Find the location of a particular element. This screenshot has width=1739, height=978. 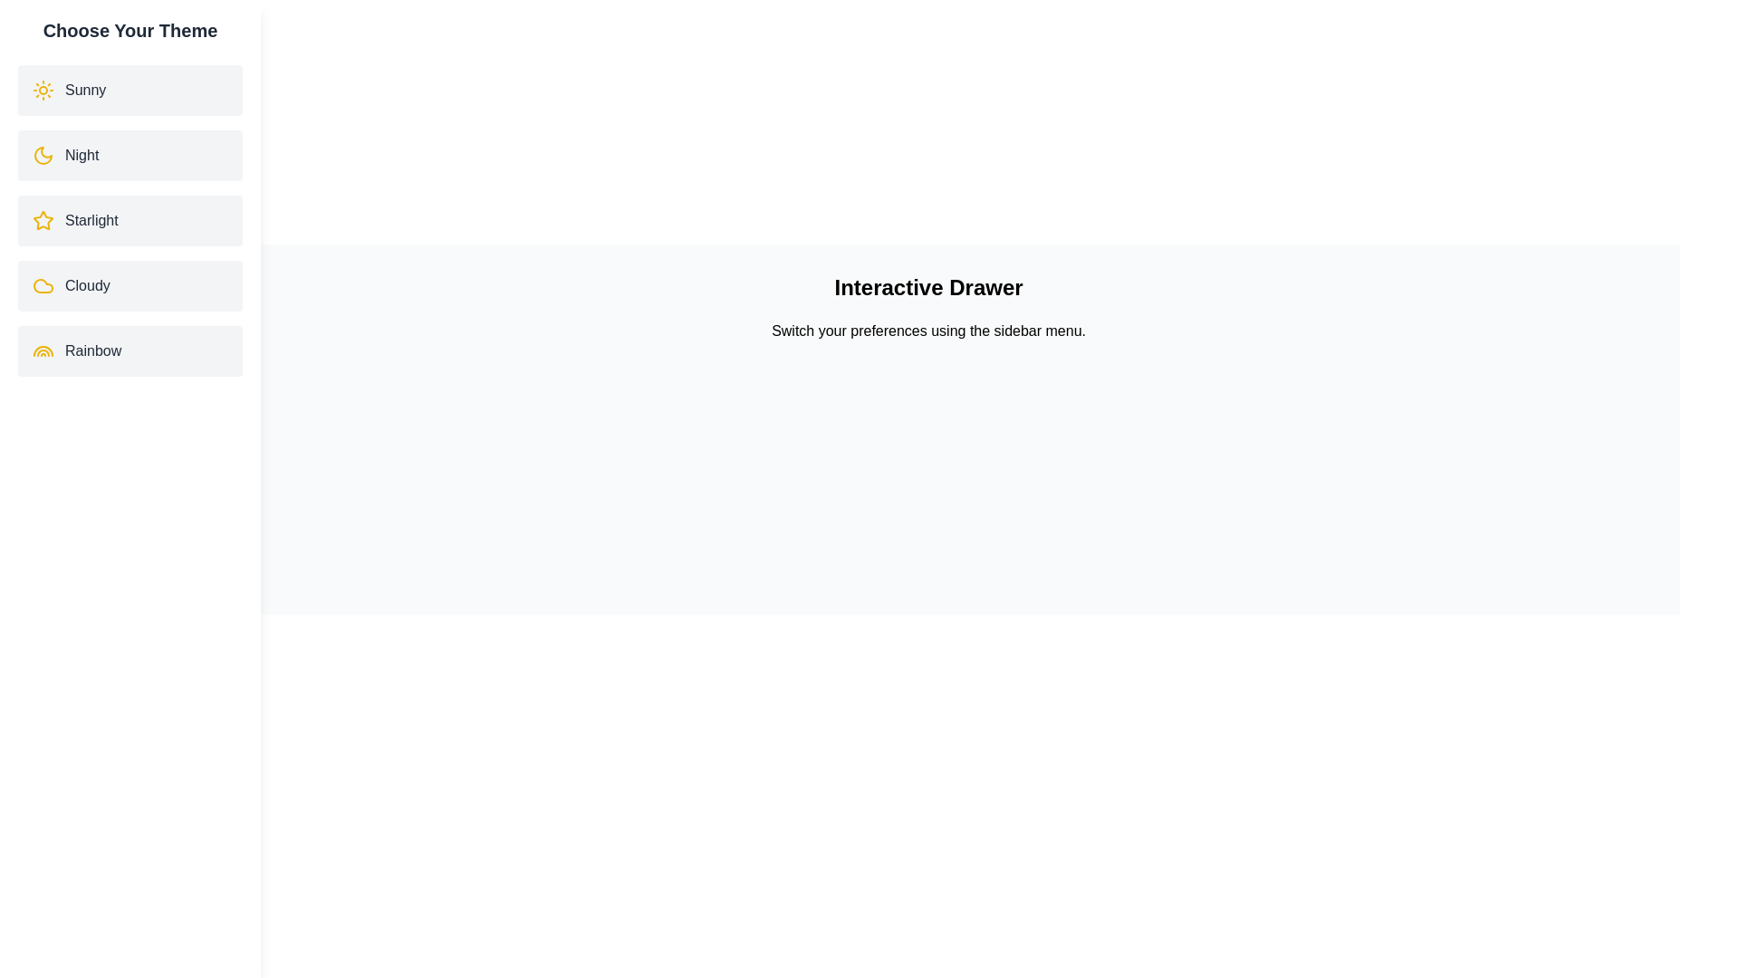

the 'Toggle Themes' button to toggle the visibility of the drawer is located at coordinates (101, 733).